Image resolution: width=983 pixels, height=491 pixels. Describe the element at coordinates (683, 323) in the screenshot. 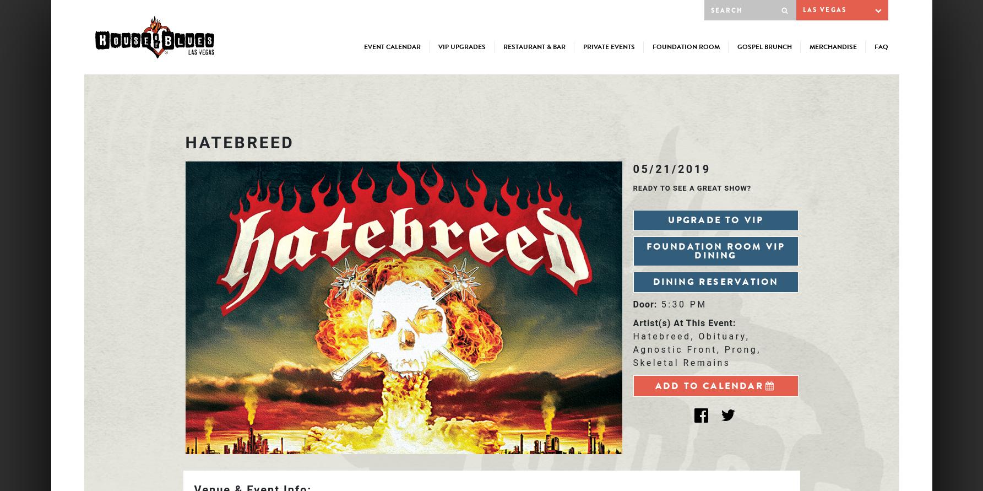

I see `'Artist(s) At This Event:'` at that location.